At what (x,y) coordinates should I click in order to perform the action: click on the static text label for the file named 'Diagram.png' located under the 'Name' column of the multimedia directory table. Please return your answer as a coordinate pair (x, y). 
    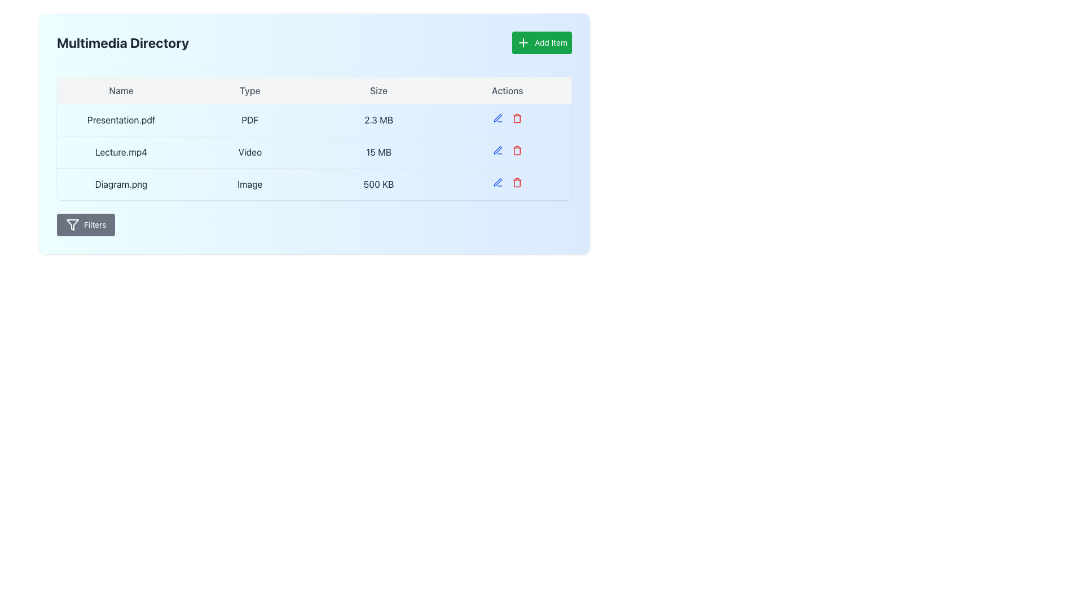
    Looking at the image, I should click on (121, 183).